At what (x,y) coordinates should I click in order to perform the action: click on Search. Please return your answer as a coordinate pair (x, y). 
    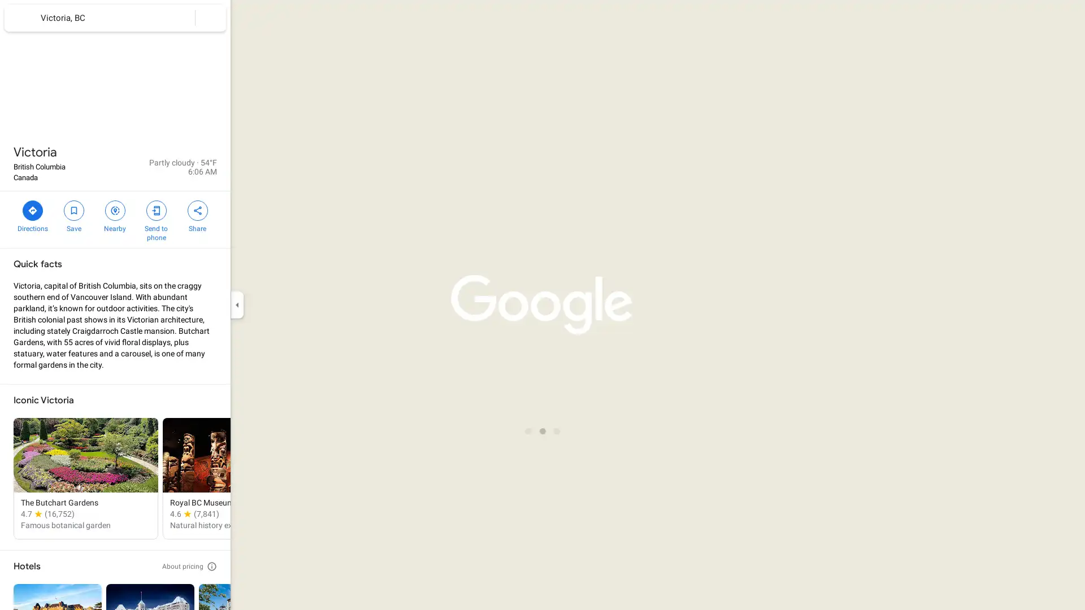
    Looking at the image, I should click on (179, 18).